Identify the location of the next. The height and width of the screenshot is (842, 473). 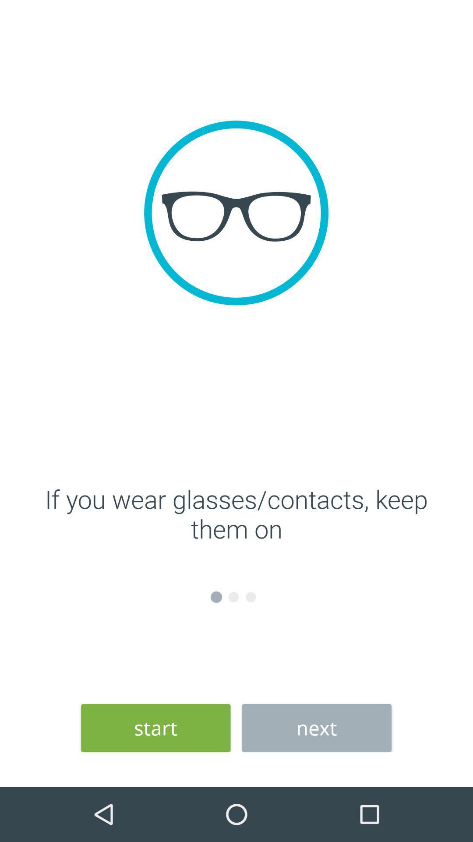
(317, 728).